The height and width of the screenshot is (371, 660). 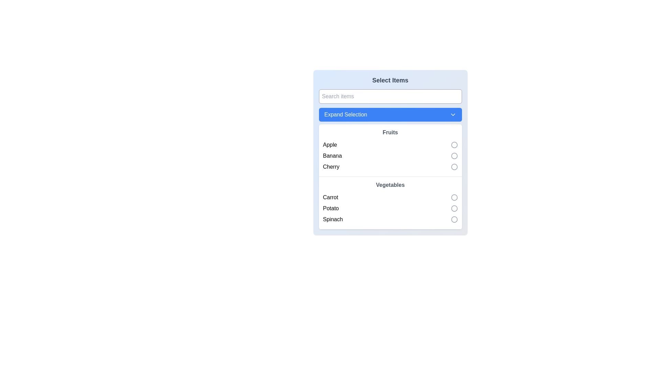 What do you see at coordinates (390, 185) in the screenshot?
I see `the 'Vegetables' category heading text label that indicates related items such as 'Carrot', 'Potato', and 'Spinach'` at bounding box center [390, 185].